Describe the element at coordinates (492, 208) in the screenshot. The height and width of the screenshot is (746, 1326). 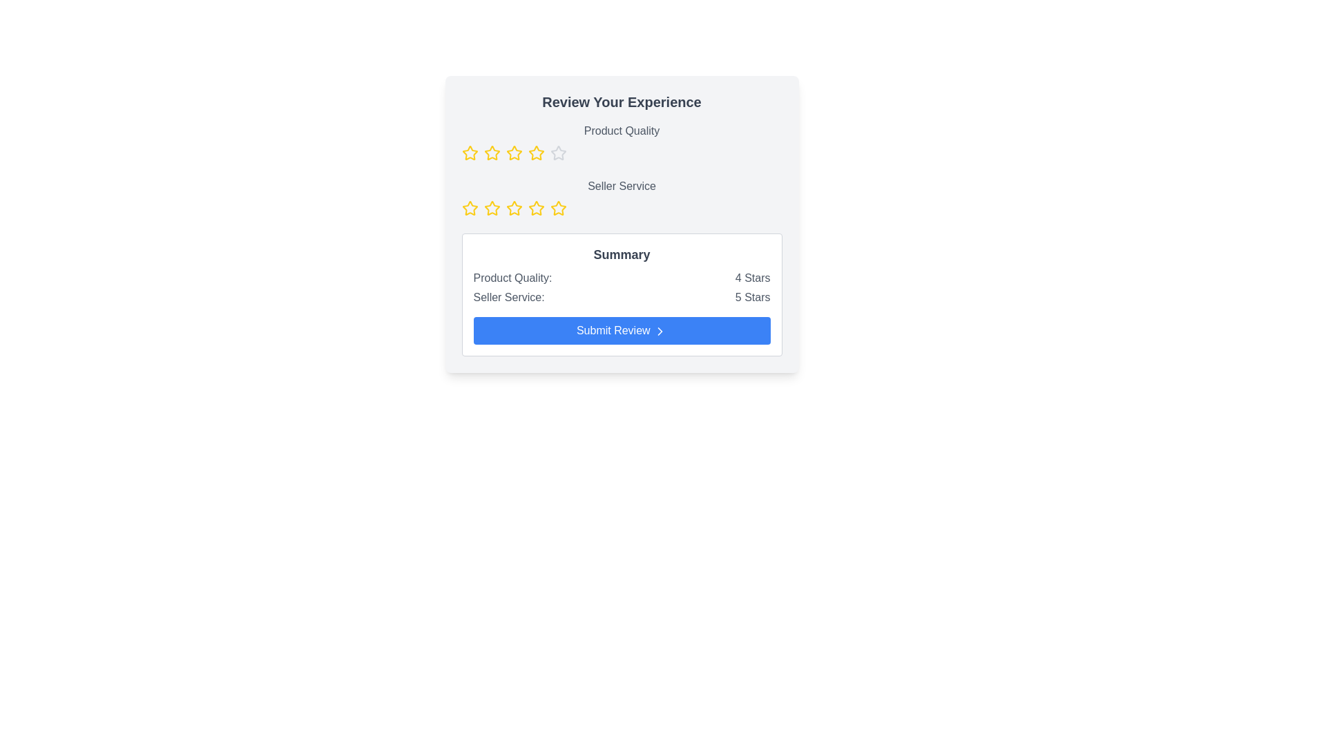
I see `the second star icon` at that location.